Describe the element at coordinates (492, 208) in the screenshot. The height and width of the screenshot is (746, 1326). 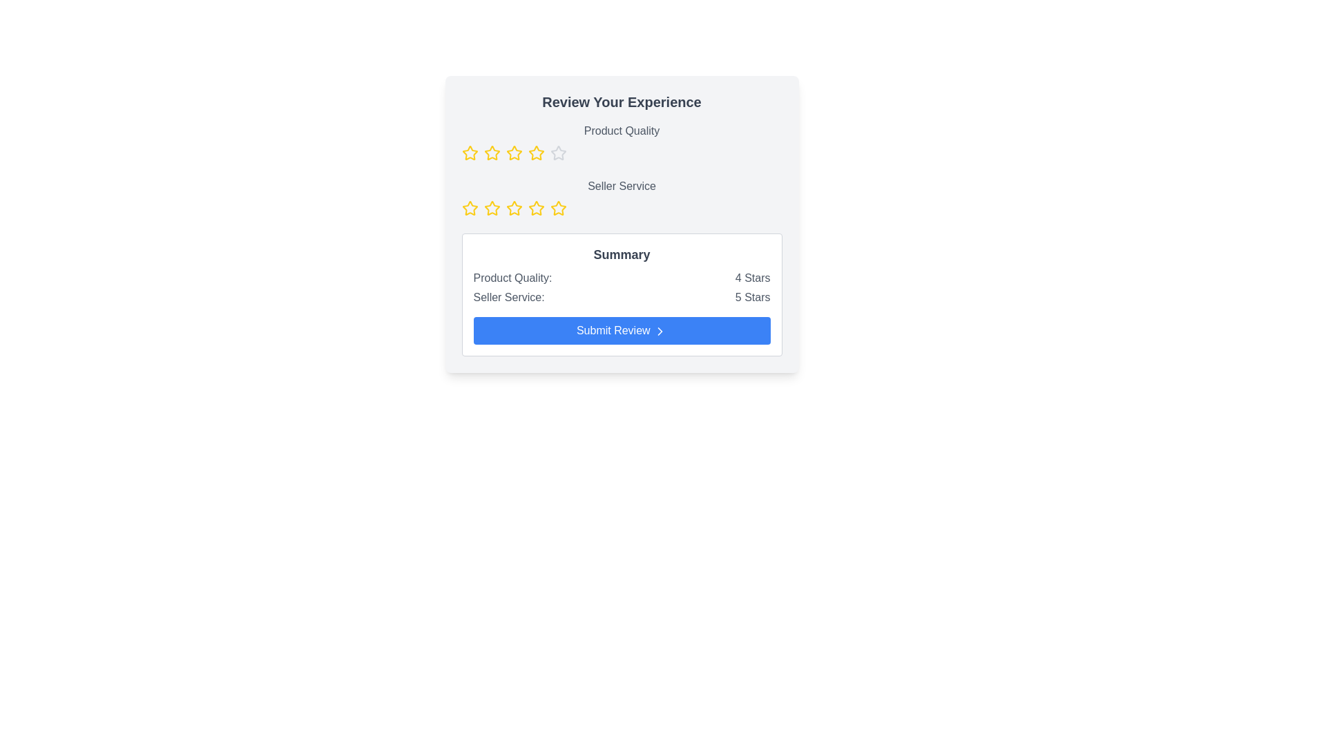
I see `the second star icon` at that location.